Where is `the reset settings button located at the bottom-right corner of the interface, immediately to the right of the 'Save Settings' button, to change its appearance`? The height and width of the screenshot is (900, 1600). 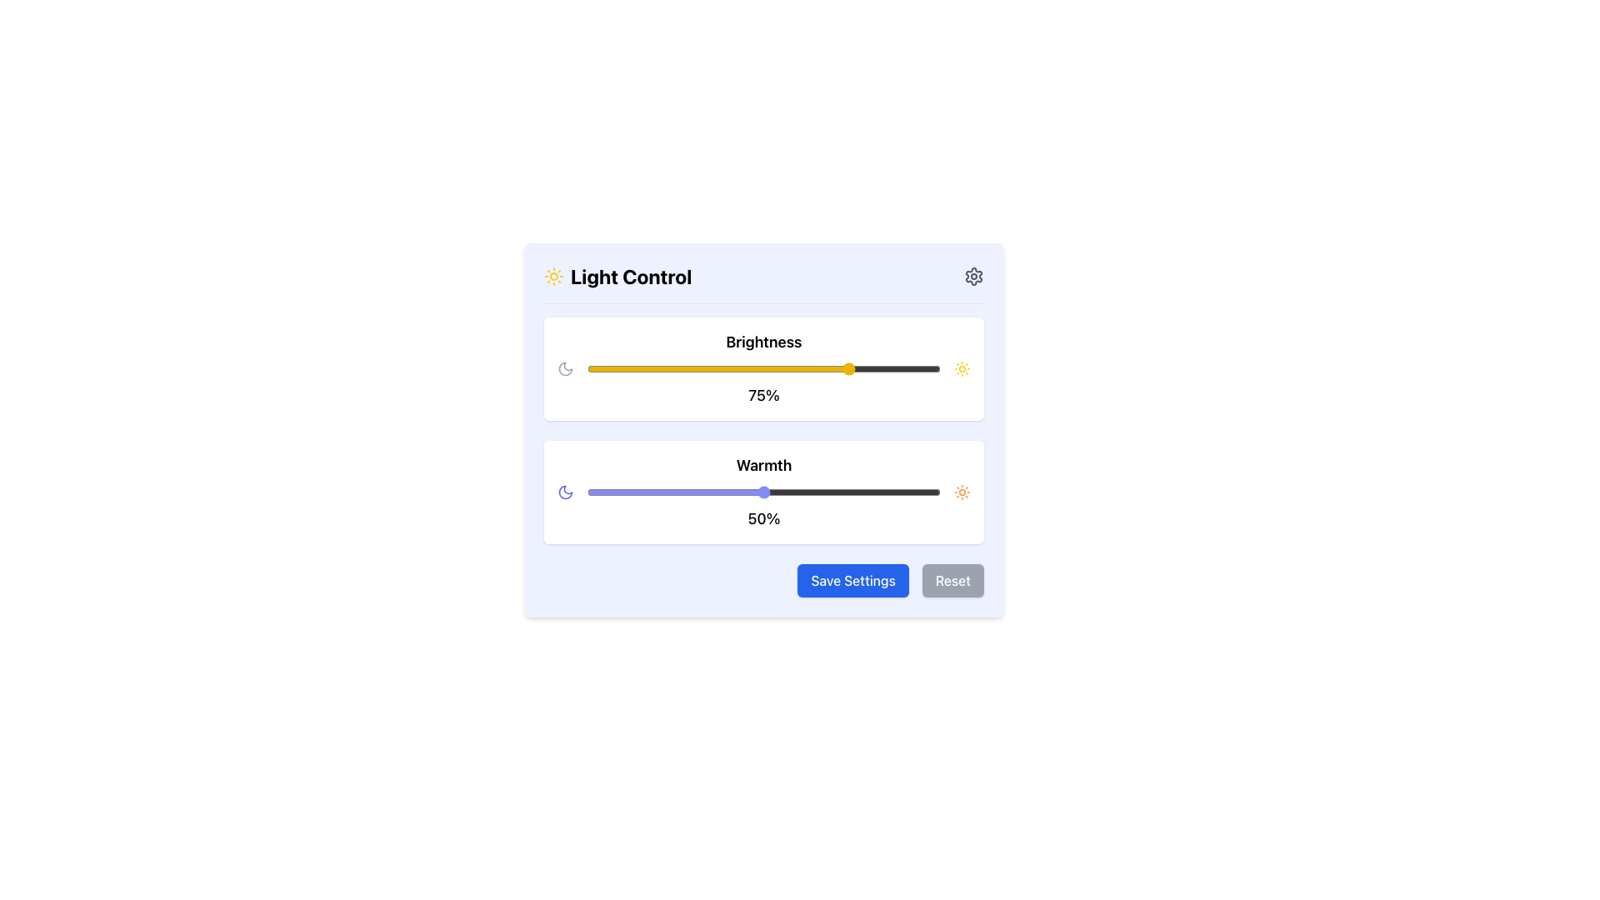
the reset settings button located at the bottom-right corner of the interface, immediately to the right of the 'Save Settings' button, to change its appearance is located at coordinates (952, 580).